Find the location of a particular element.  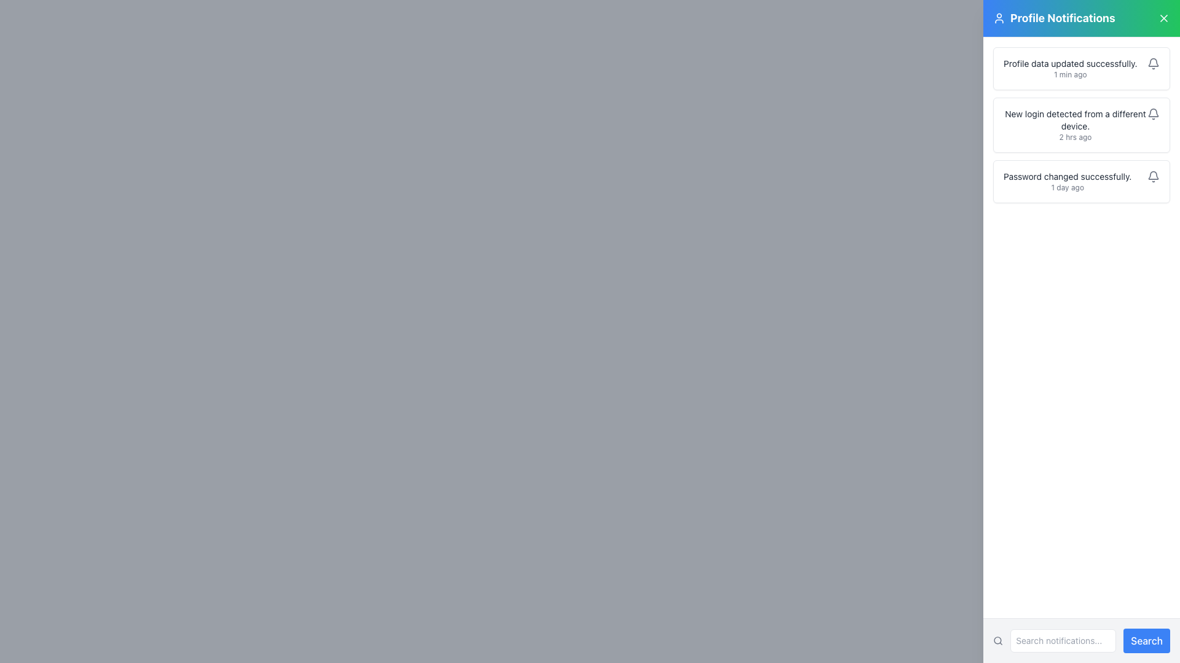

the second notification card in the 'Profile Notifications' sidebar that informs about a recent login activity from a different device is located at coordinates (1082, 125).